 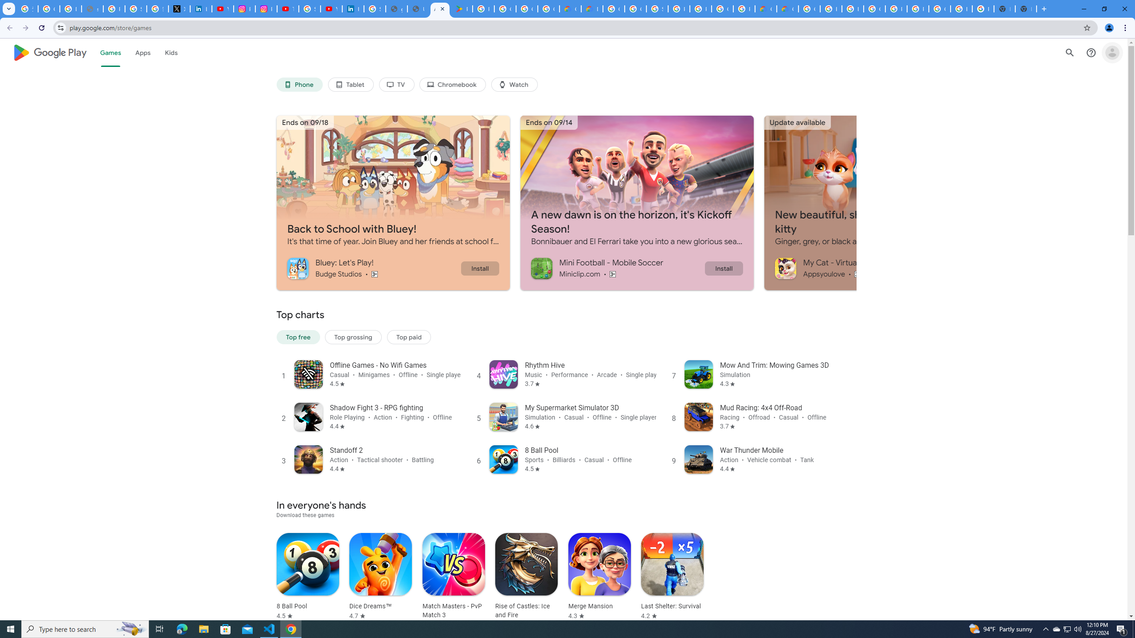 I want to click on '8 Ball Pool Rated 4.5 stars out of five stars', so click(x=307, y=576).